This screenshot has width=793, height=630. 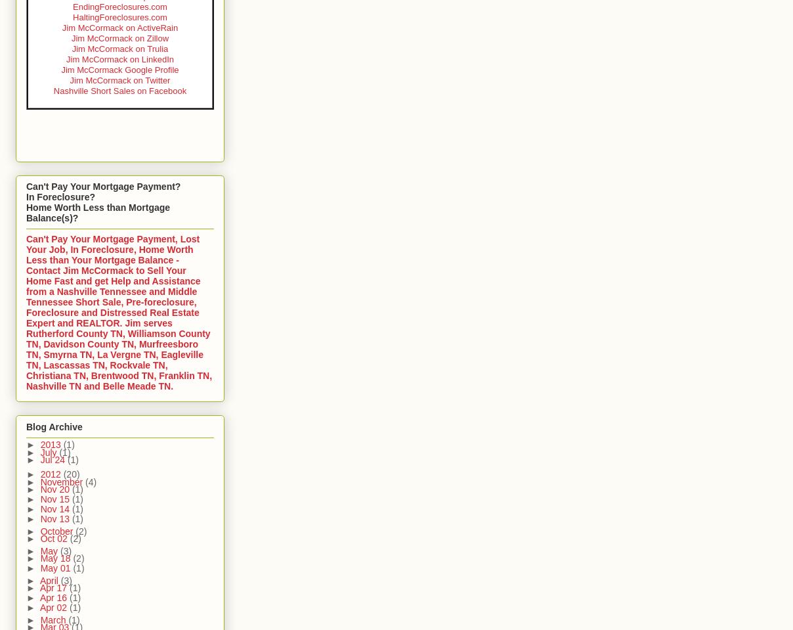 What do you see at coordinates (72, 6) in the screenshot?
I see `'EndingForeclosures.com'` at bounding box center [72, 6].